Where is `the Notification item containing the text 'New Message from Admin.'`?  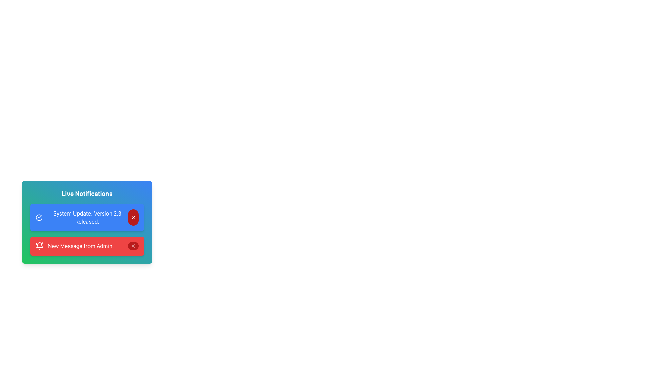 the Notification item containing the text 'New Message from Admin.' is located at coordinates (75, 246).